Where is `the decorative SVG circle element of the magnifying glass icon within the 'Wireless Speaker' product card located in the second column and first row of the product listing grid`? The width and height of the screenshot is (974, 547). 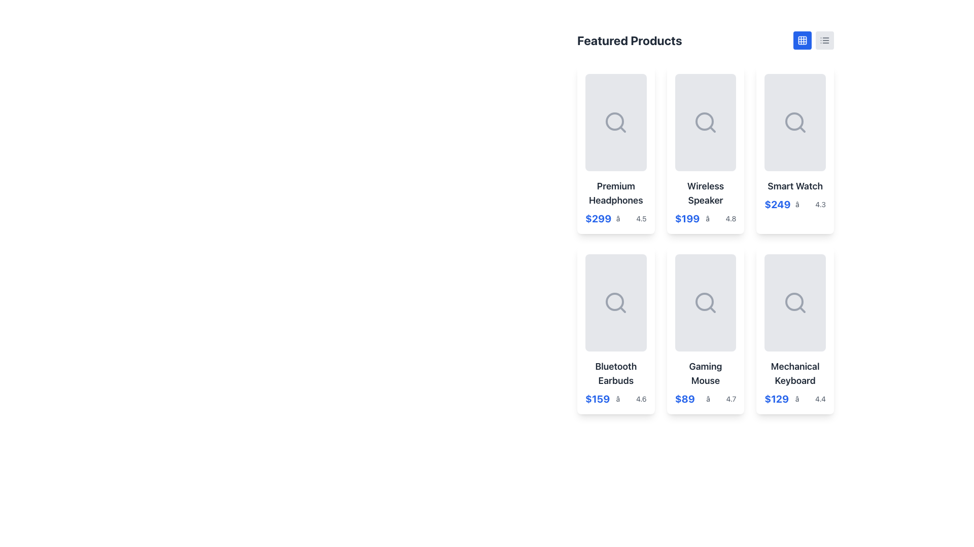 the decorative SVG circle element of the magnifying glass icon within the 'Wireless Speaker' product card located in the second column and first row of the product listing grid is located at coordinates (704, 121).